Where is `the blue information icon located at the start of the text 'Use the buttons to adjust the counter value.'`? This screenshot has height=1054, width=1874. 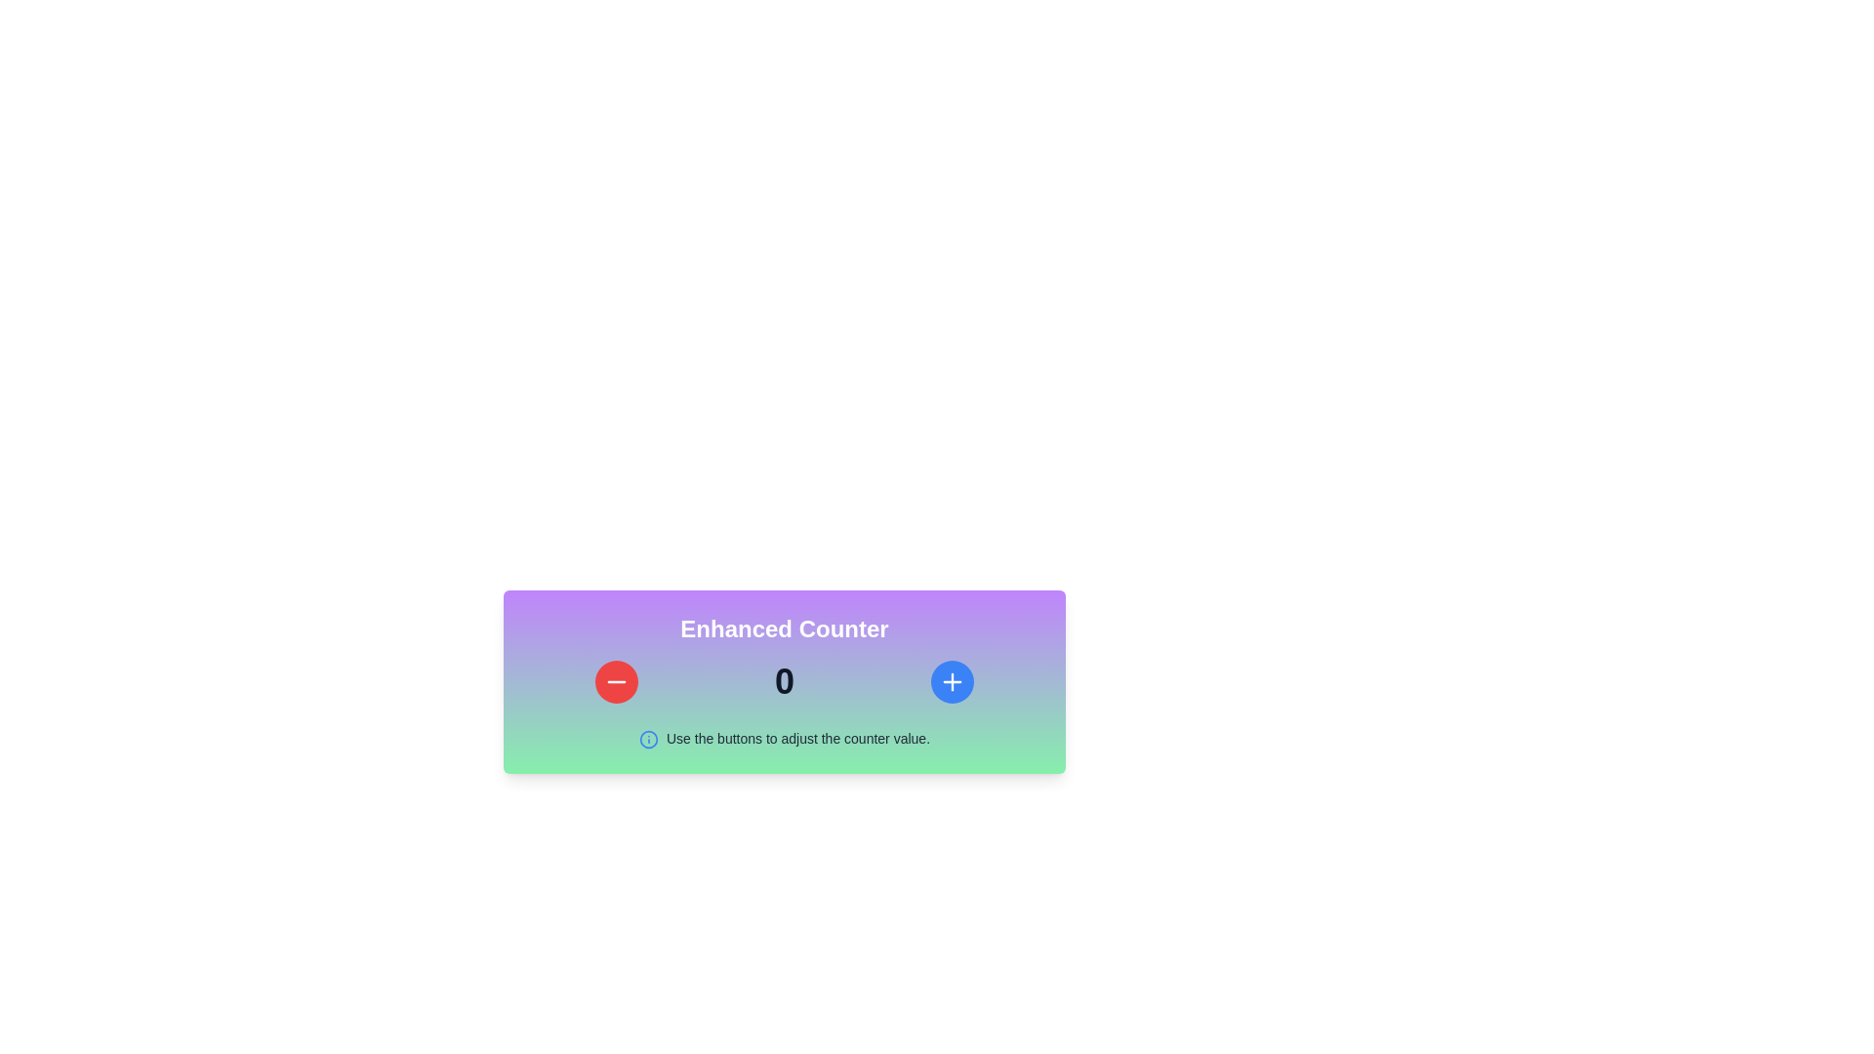 the blue information icon located at the start of the text 'Use the buttons to adjust the counter value.' is located at coordinates (648, 739).